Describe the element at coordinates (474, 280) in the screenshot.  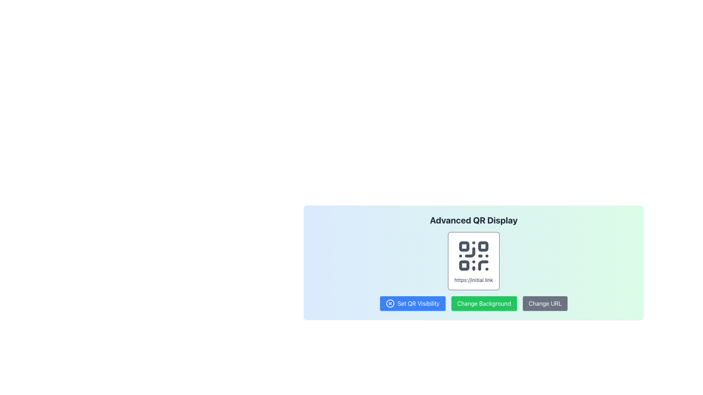
I see `the URL text element located at the bottom of the group under the QR code icon` at that location.